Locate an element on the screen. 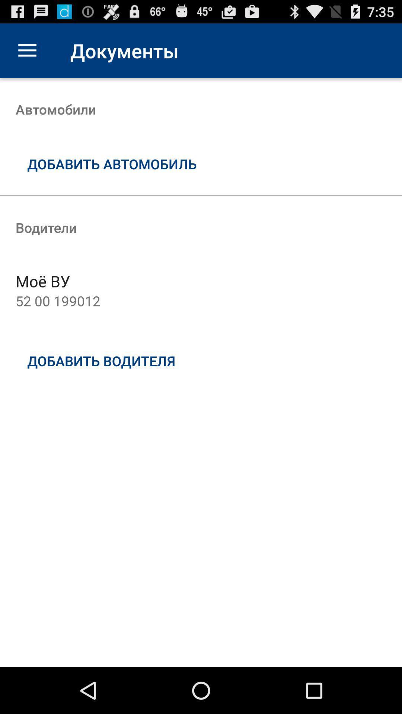 This screenshot has height=714, width=402. the item below 52 00 199012 item is located at coordinates (201, 361).